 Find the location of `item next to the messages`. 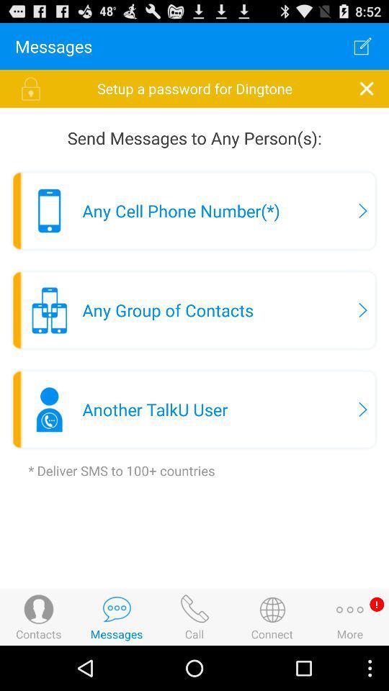

item next to the messages is located at coordinates (362, 46).